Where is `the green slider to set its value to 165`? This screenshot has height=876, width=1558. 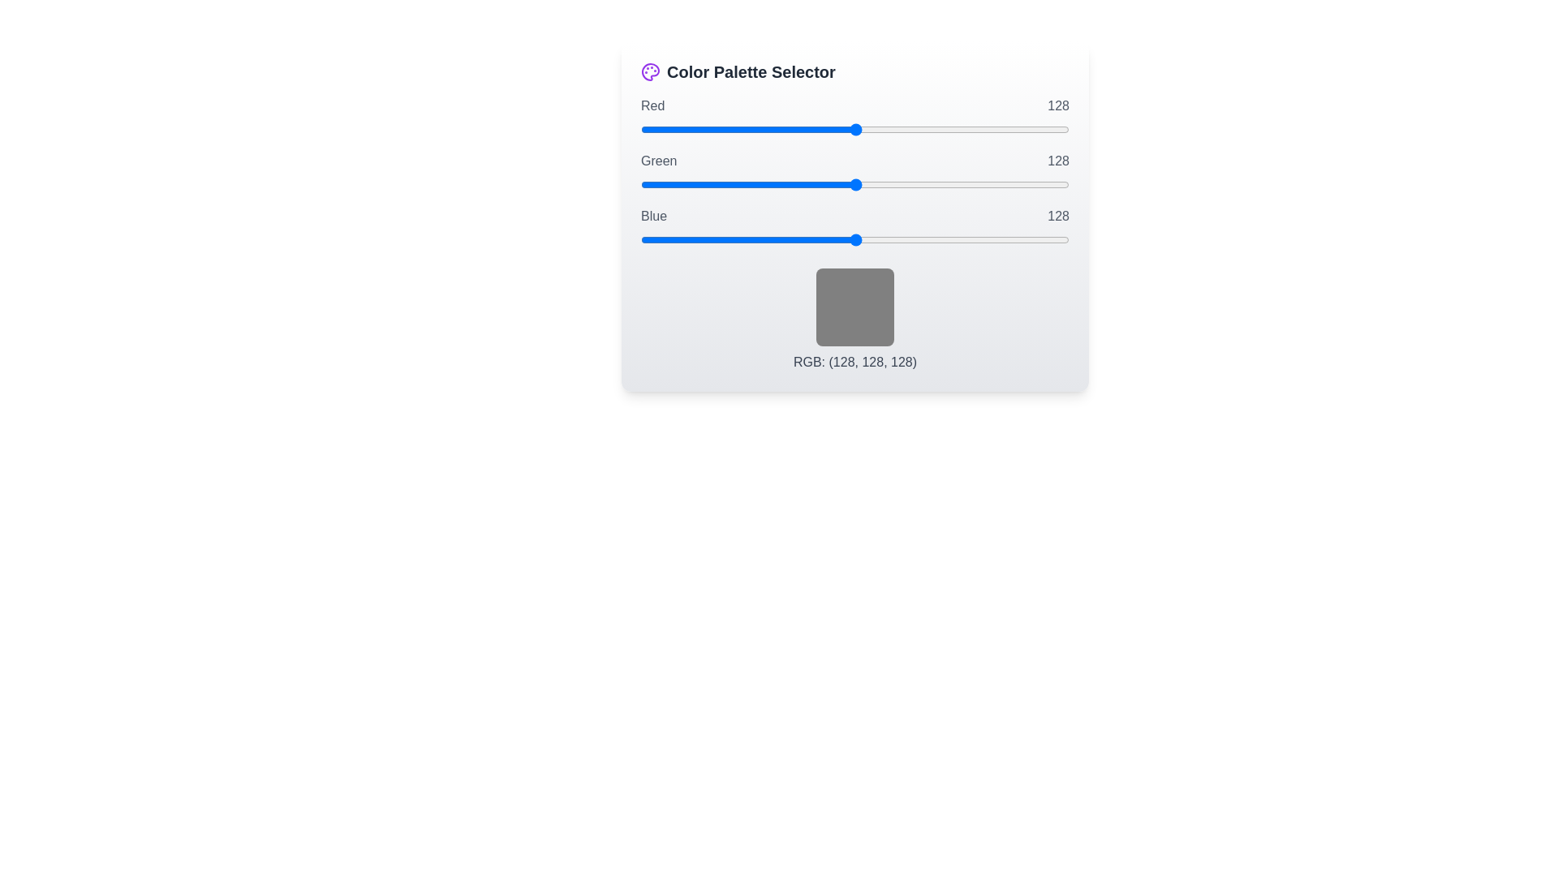 the green slider to set its value to 165 is located at coordinates (918, 183).